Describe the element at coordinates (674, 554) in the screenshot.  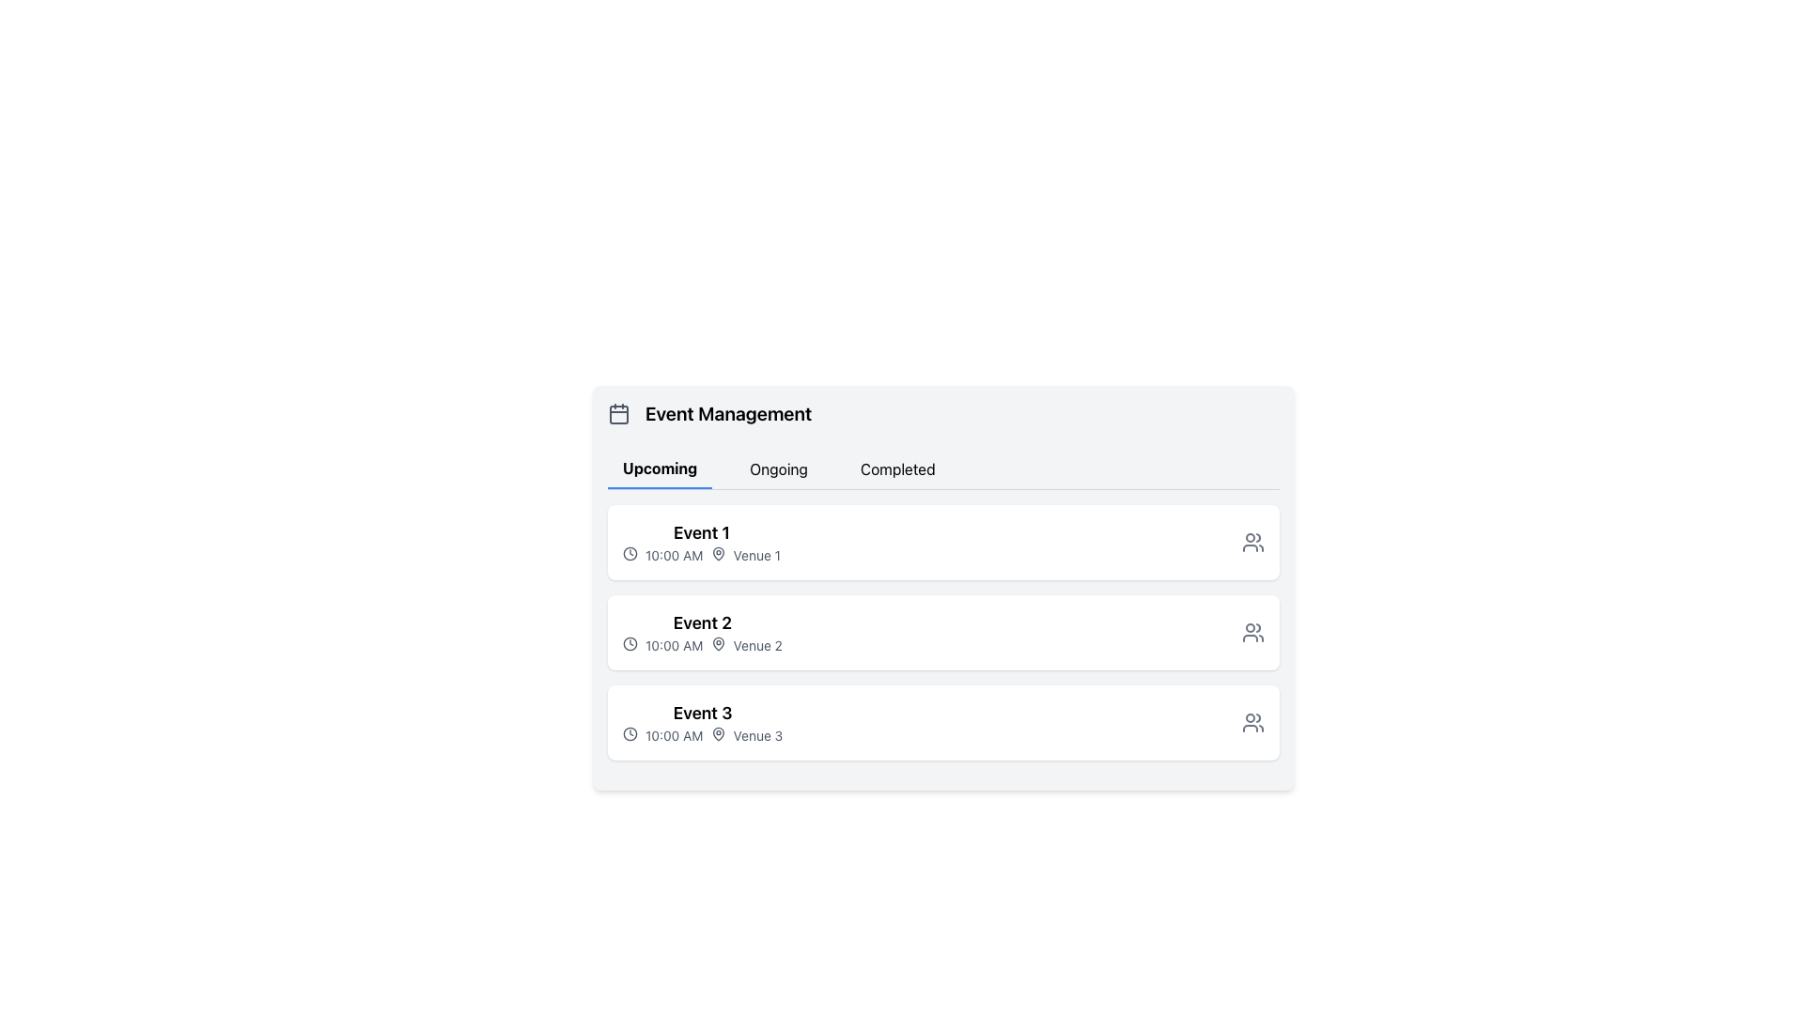
I see `displayed time '10:00 AM' from the text label located in the first row of the 'Upcoming' section, positioned between a clock icon and the text 'Venue 1'` at that location.